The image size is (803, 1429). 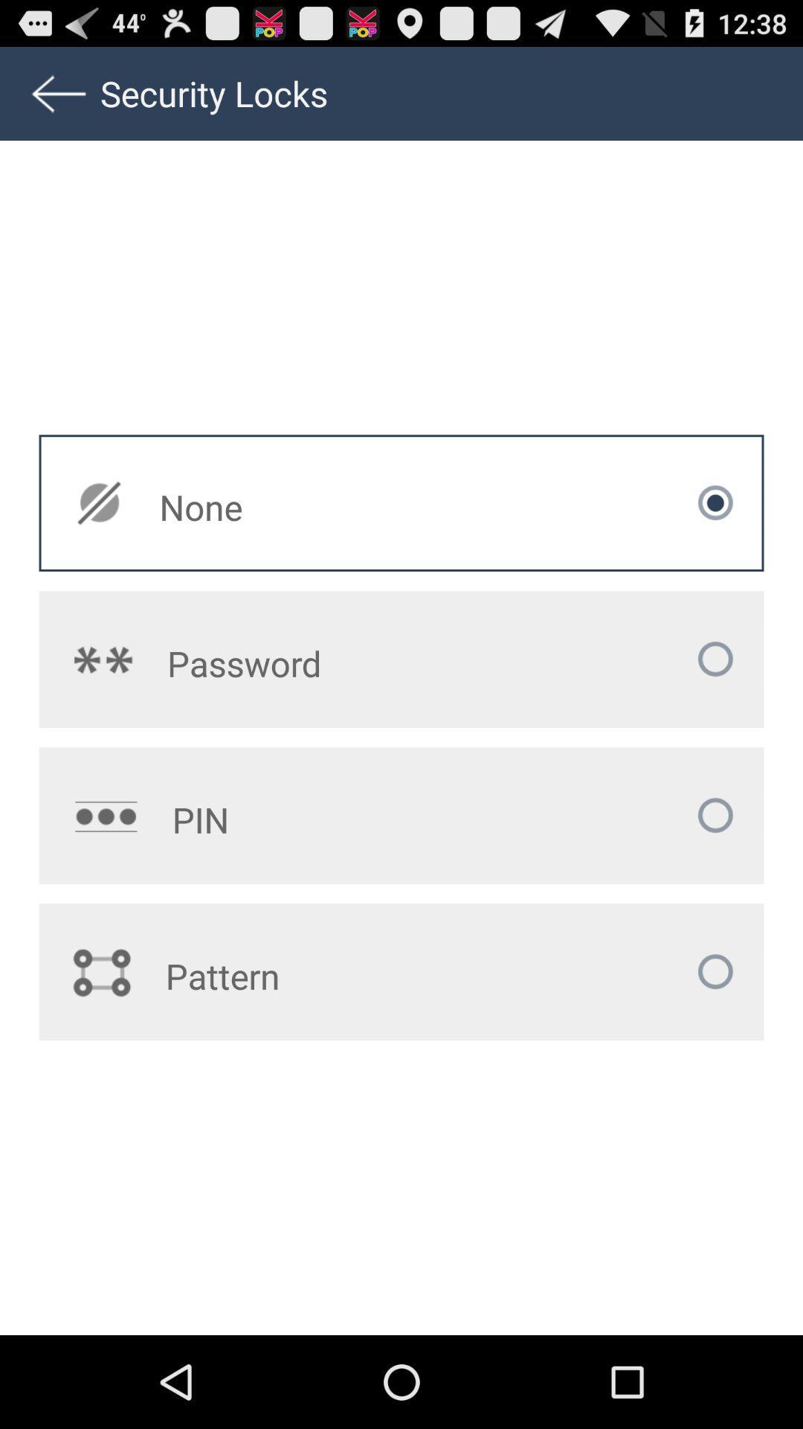 What do you see at coordinates (317, 819) in the screenshot?
I see `pin icon` at bounding box center [317, 819].